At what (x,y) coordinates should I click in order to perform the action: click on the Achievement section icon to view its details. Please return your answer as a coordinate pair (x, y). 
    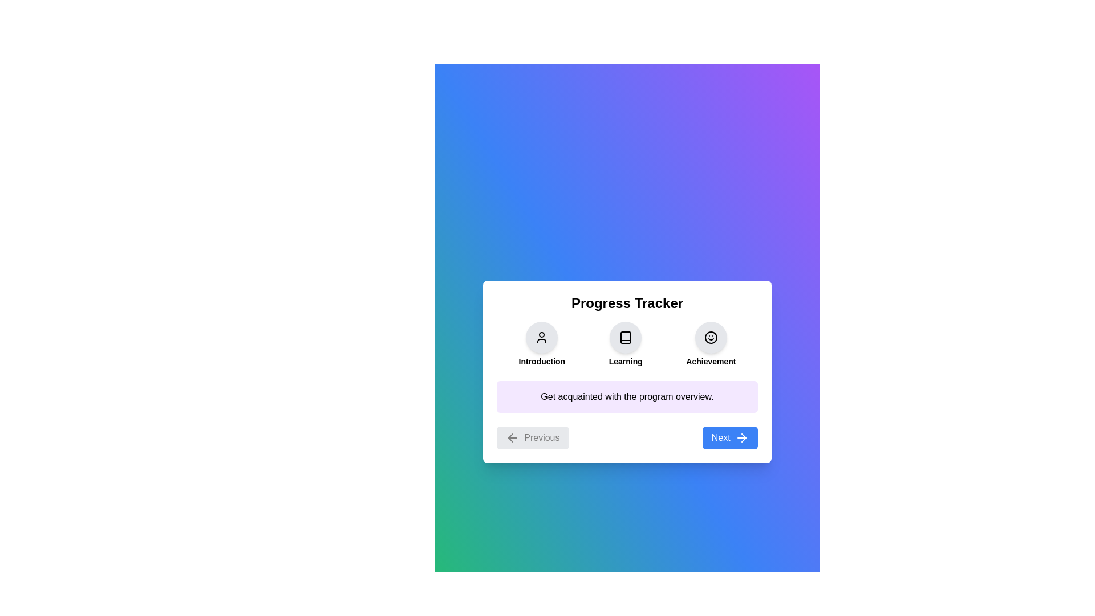
    Looking at the image, I should click on (710, 337).